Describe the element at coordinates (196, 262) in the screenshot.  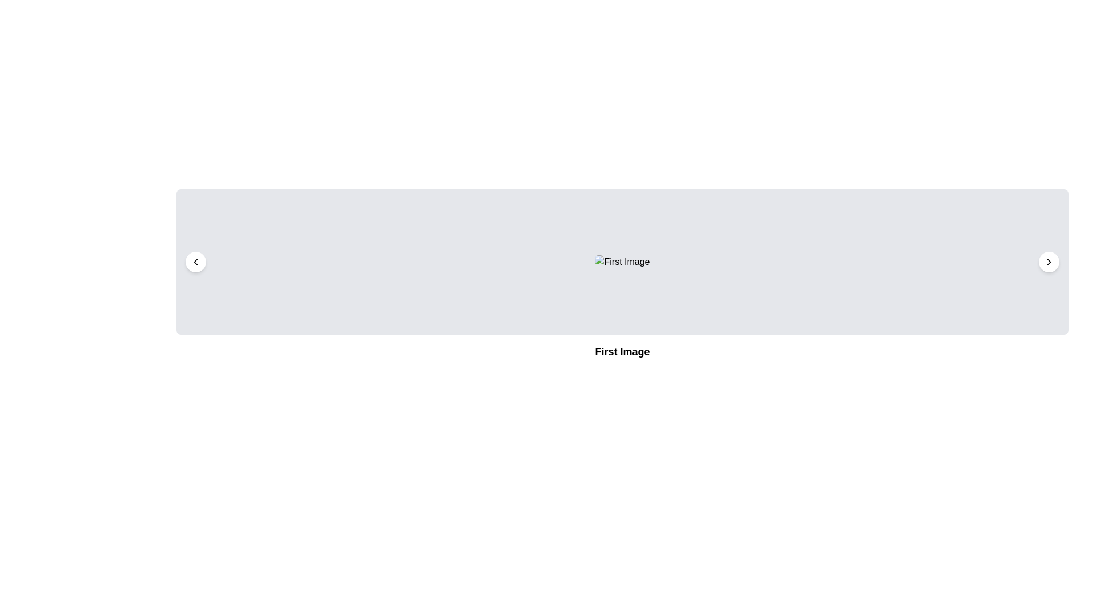
I see `the left-pointing chevron icon, which serves as a navigational tool for backward navigation, located within a circular button-like area on the left side of a grey panel` at that location.